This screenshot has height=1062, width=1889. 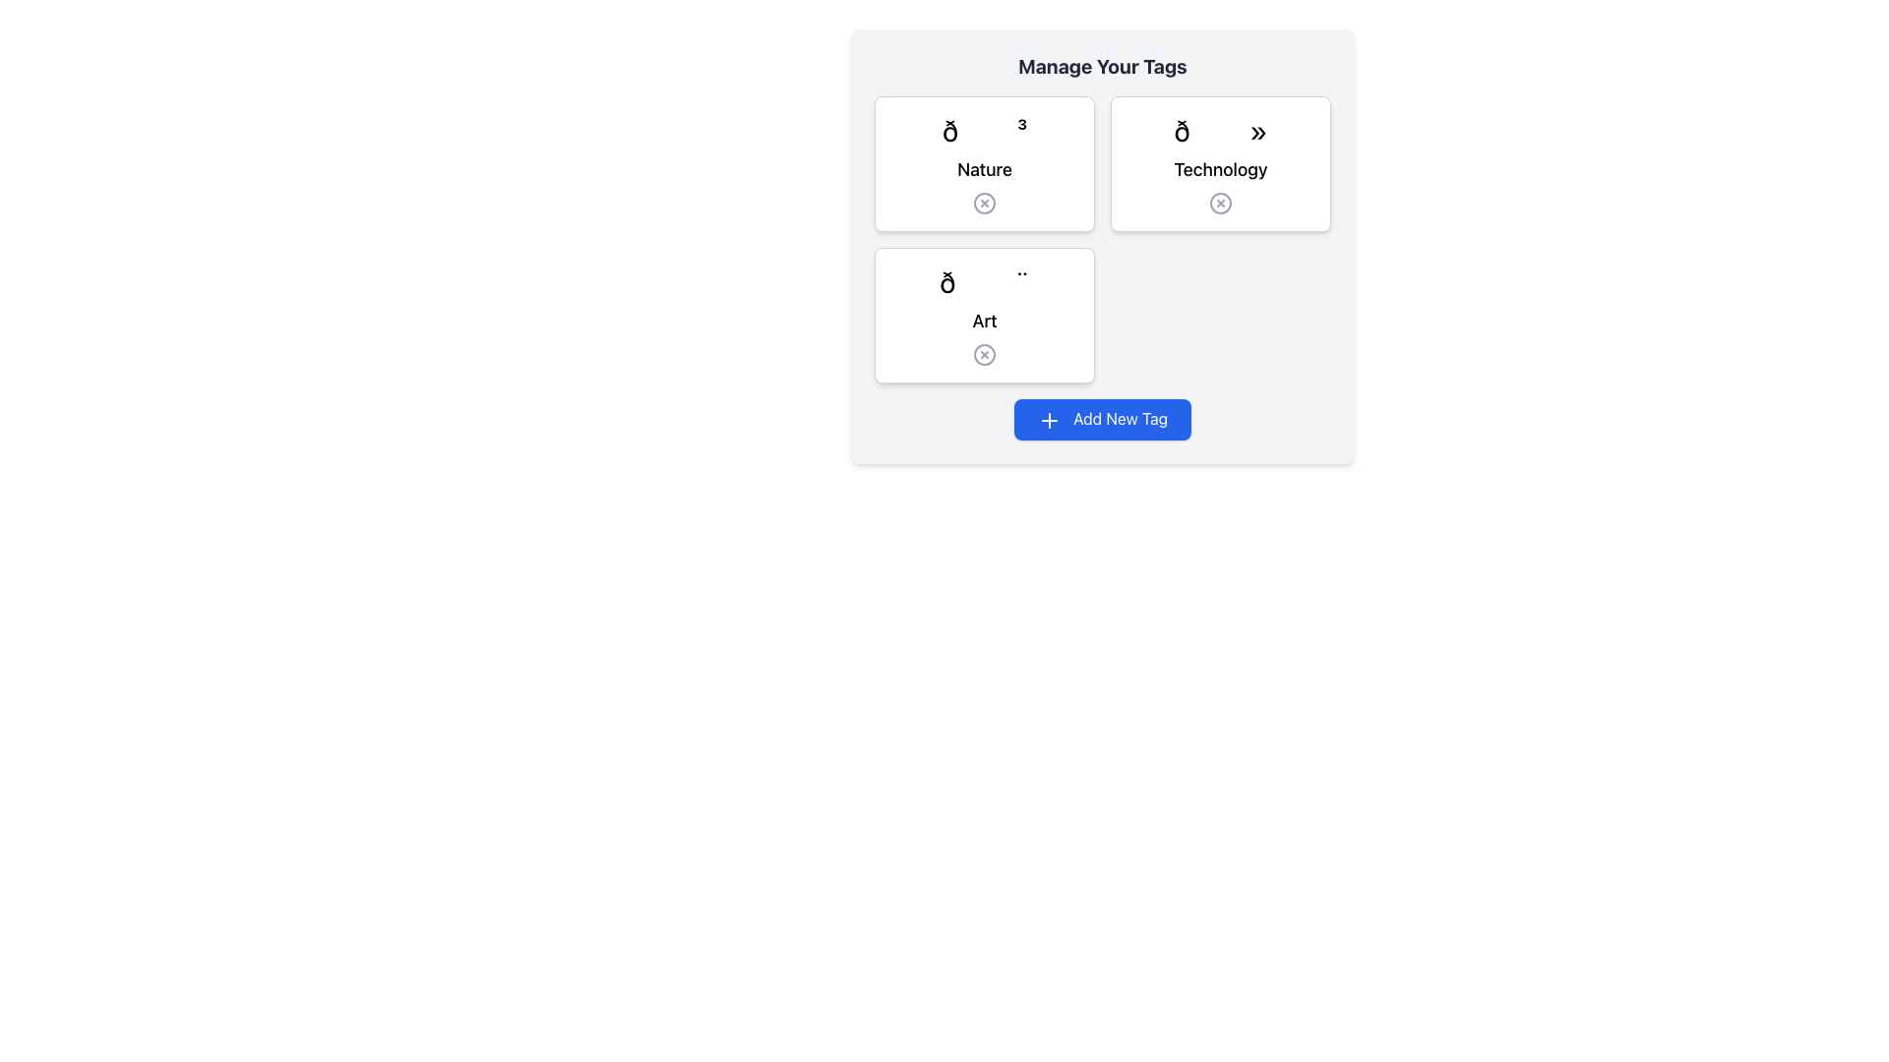 I want to click on the text label displaying the word 'Art', which is centrally located at the bottom section of a rectangular card group, directly below an emoji-like icon, so click(x=985, y=321).